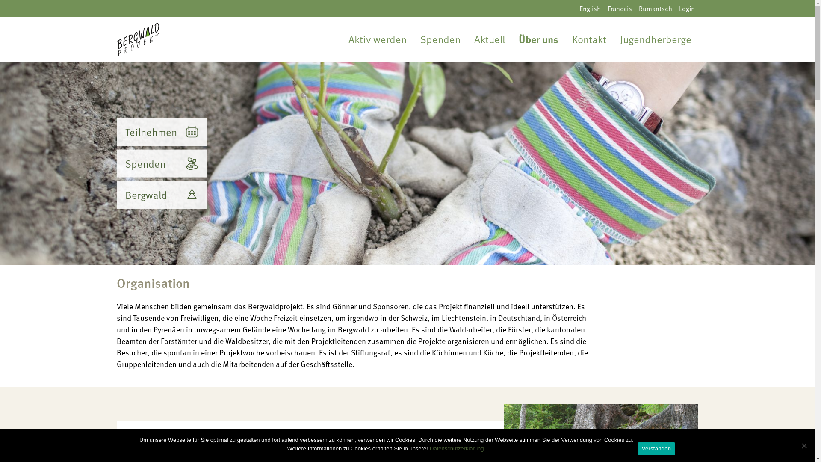 This screenshot has width=821, height=462. I want to click on 'No', so click(803, 445).